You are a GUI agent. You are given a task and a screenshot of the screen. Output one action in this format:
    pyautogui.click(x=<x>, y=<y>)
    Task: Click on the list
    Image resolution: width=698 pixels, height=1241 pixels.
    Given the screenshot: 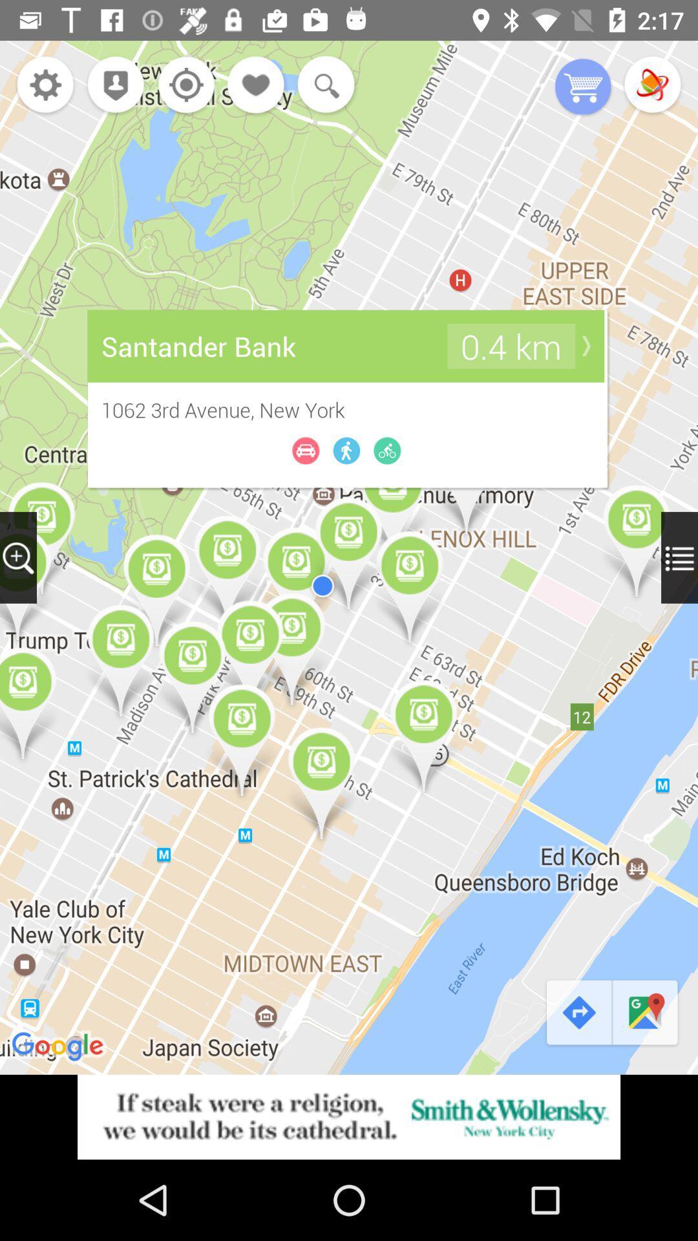 What is the action you would take?
    pyautogui.click(x=679, y=557)
    